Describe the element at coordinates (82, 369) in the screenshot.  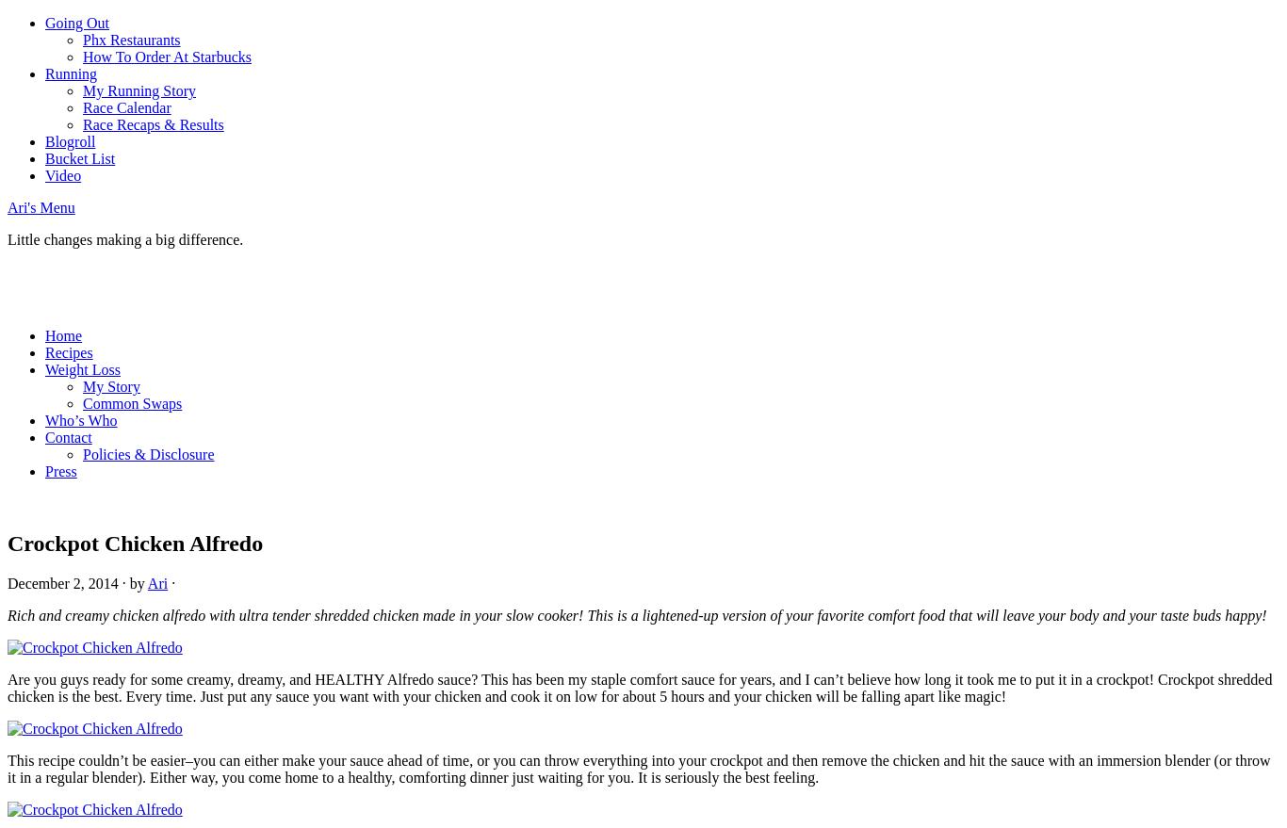
I see `'Weight Loss'` at that location.